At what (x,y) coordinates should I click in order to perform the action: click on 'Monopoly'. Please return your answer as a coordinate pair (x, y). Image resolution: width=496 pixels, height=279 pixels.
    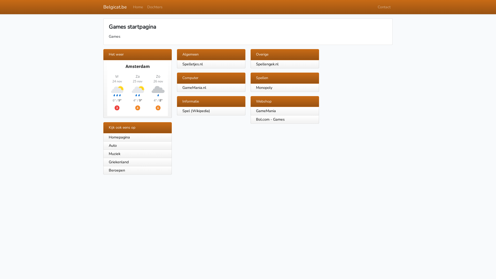
    Looking at the image, I should click on (264, 87).